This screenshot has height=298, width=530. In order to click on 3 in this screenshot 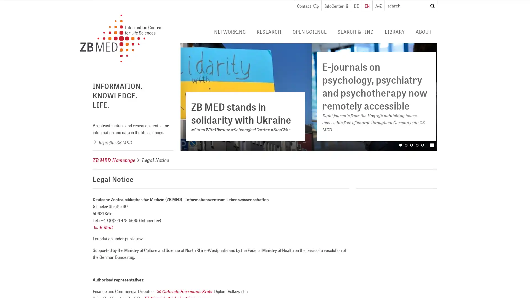, I will do `click(412, 144)`.